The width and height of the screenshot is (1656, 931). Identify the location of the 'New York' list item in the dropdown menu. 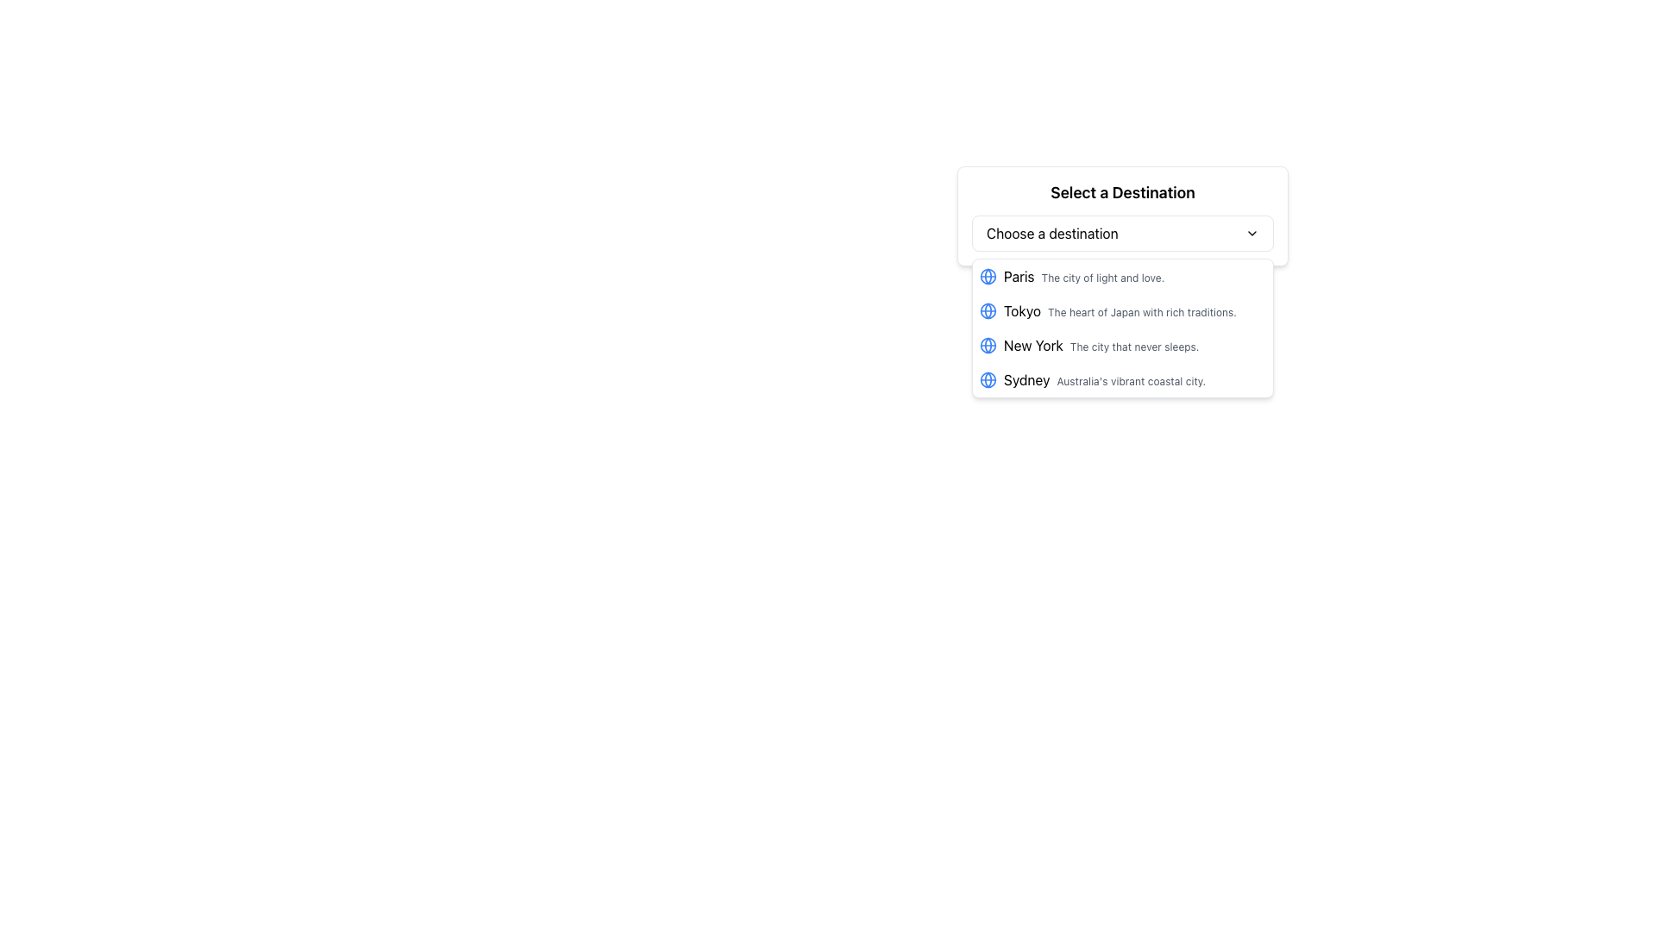
(1101, 346).